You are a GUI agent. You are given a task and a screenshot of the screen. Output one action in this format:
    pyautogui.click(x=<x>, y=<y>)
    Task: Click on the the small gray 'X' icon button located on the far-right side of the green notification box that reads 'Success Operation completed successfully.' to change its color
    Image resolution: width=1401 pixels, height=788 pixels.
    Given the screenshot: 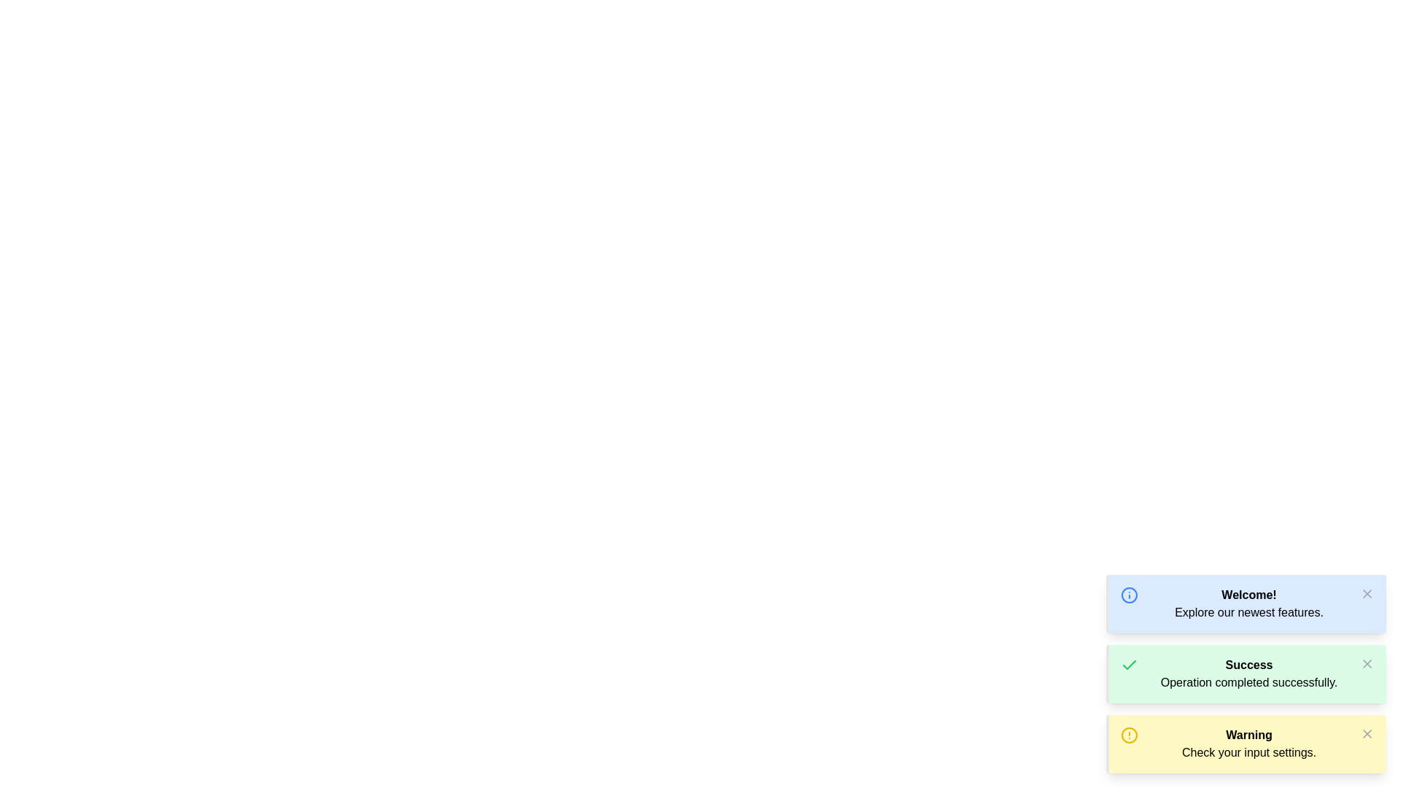 What is the action you would take?
    pyautogui.click(x=1366, y=664)
    